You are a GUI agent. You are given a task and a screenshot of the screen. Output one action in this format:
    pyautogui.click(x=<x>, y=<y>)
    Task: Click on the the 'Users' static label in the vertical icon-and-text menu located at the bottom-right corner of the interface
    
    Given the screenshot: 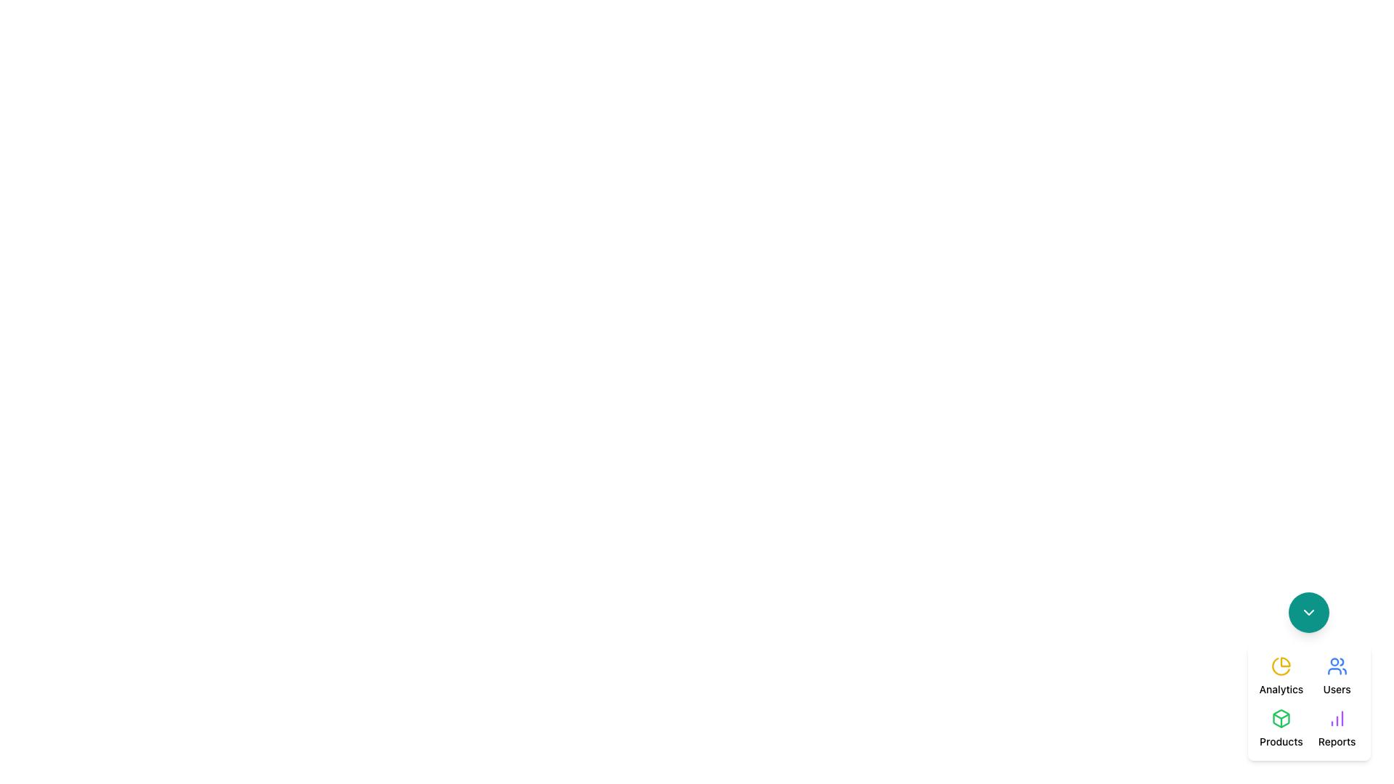 What is the action you would take?
    pyautogui.click(x=1336, y=688)
    